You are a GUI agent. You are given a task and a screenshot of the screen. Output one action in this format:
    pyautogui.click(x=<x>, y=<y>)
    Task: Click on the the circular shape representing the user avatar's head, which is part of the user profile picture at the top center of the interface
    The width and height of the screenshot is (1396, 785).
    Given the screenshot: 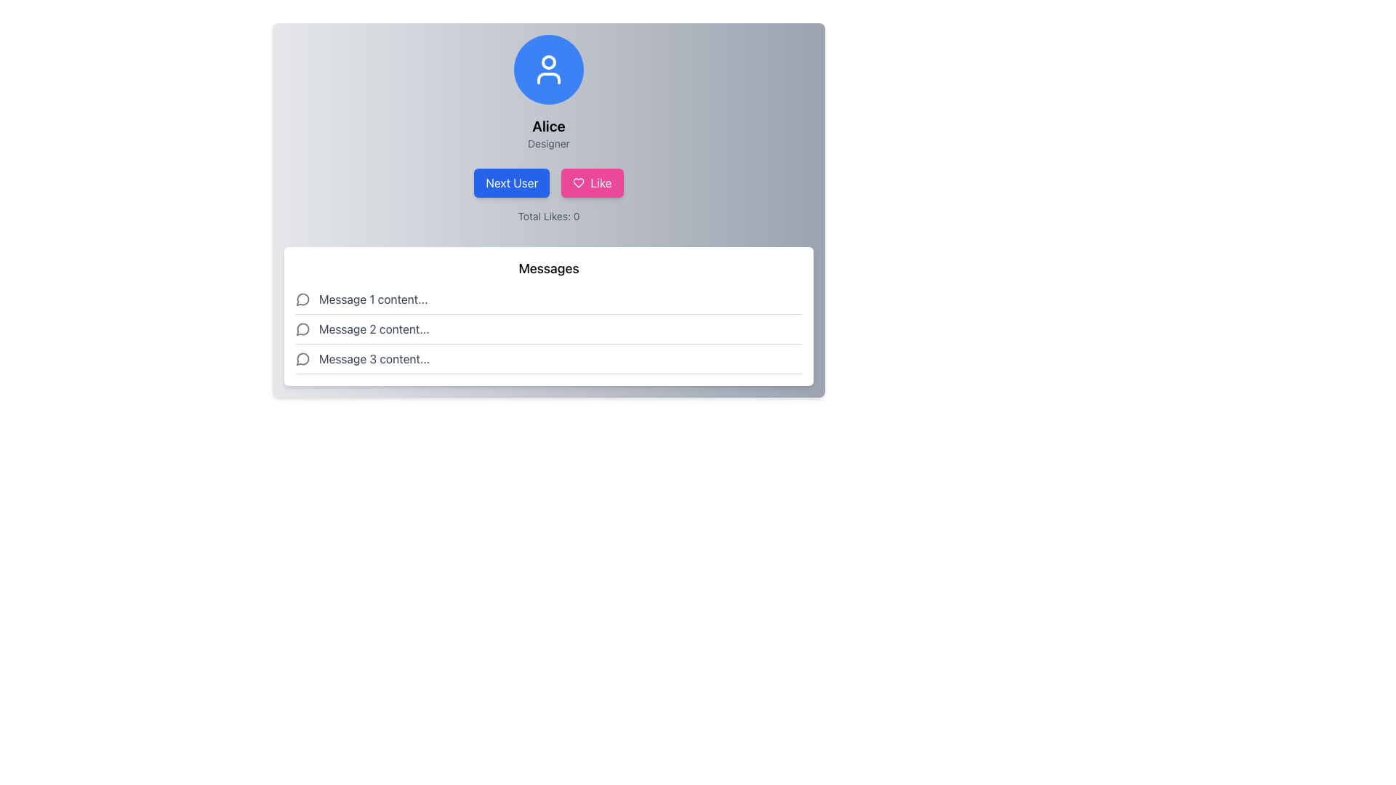 What is the action you would take?
    pyautogui.click(x=547, y=61)
    